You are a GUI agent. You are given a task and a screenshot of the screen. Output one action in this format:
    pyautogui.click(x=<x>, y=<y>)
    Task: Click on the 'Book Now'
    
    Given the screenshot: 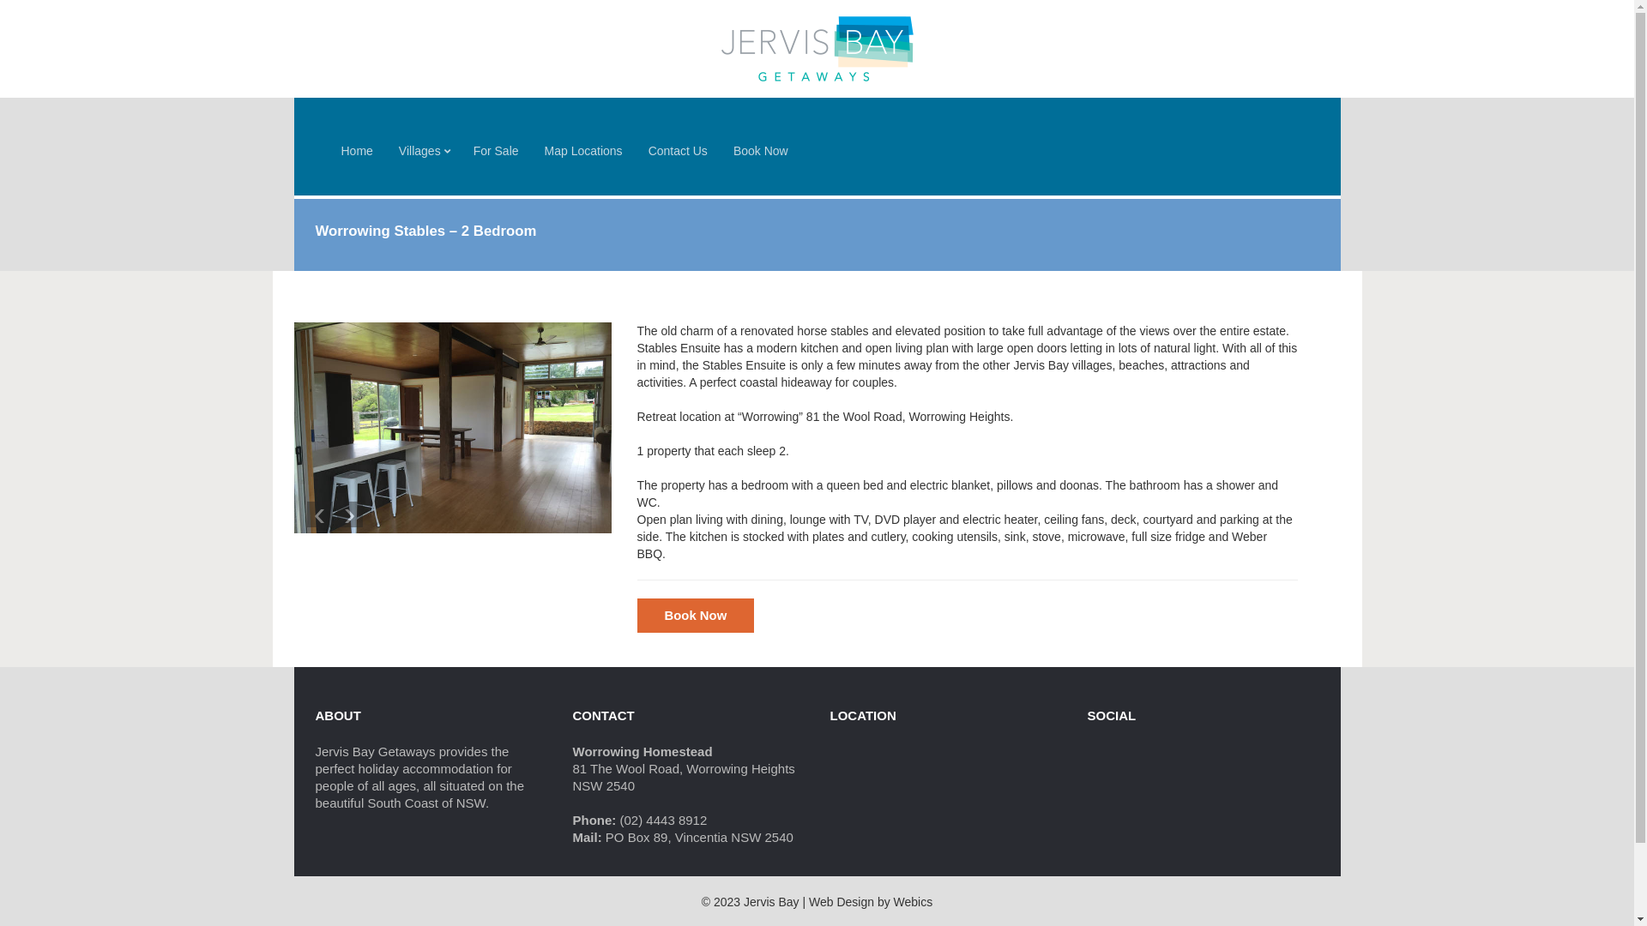 What is the action you would take?
    pyautogui.click(x=636, y=614)
    